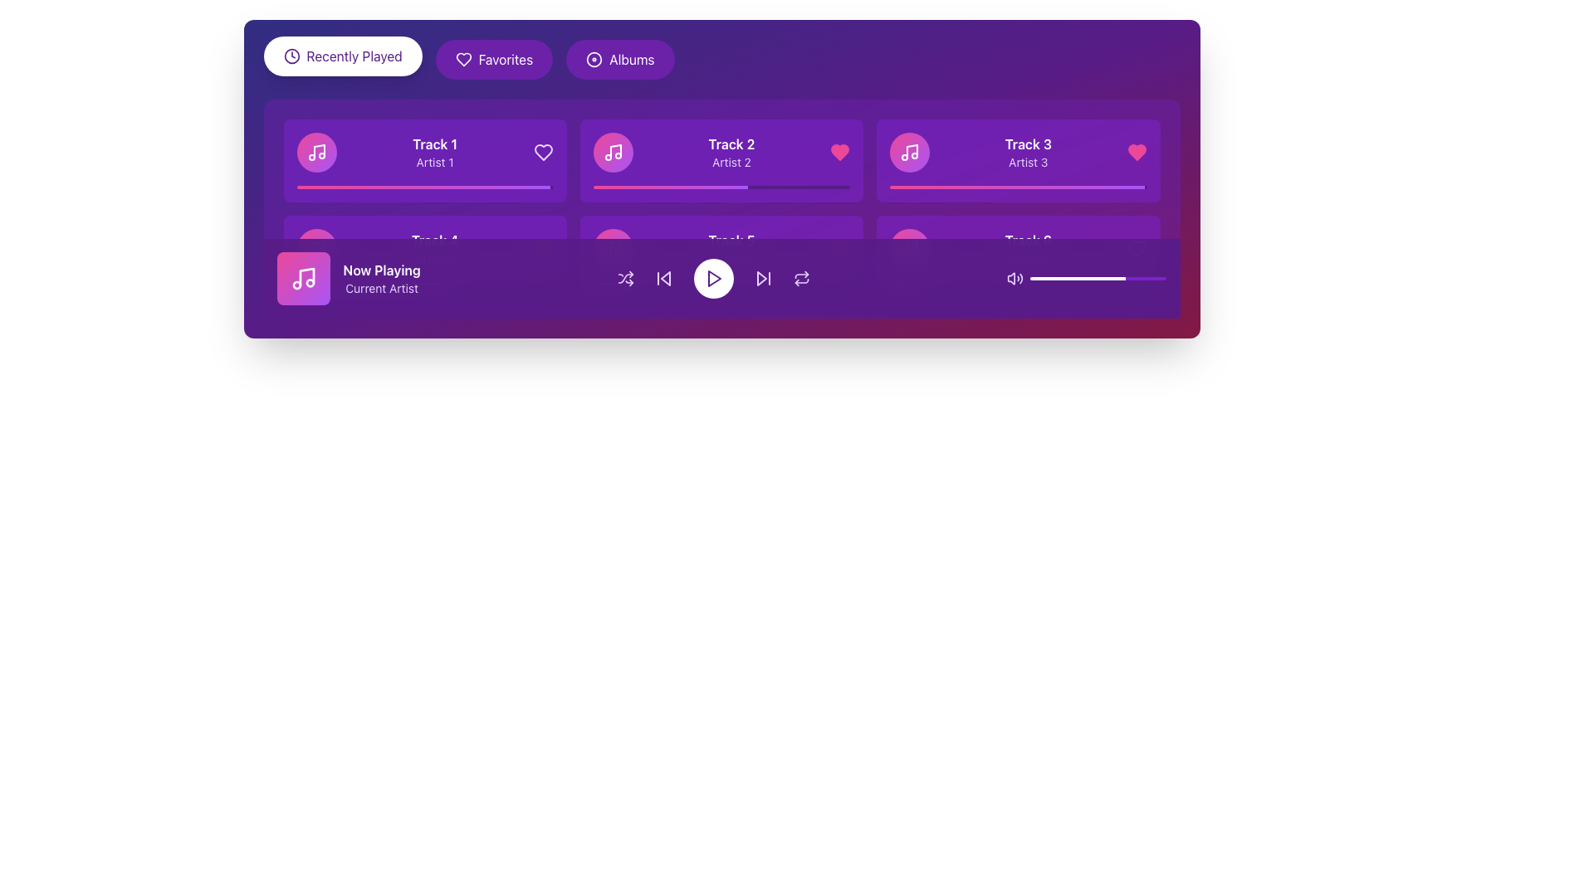  What do you see at coordinates (342, 56) in the screenshot?
I see `the 'Recently Played' button located at the top-left corner of the interface for keyboard navigation` at bounding box center [342, 56].